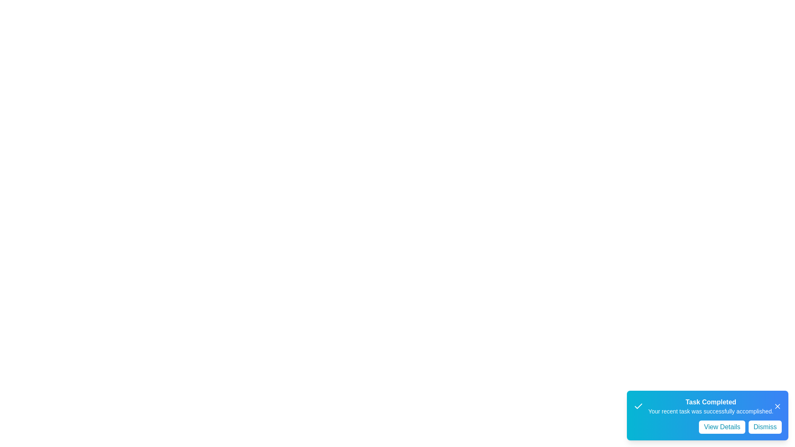  Describe the element at coordinates (703, 406) in the screenshot. I see `the Notification Content element which displays a checkmark icon and the text 'Task Completed' with a description 'Your recent task was successfully accomplished.'` at that location.